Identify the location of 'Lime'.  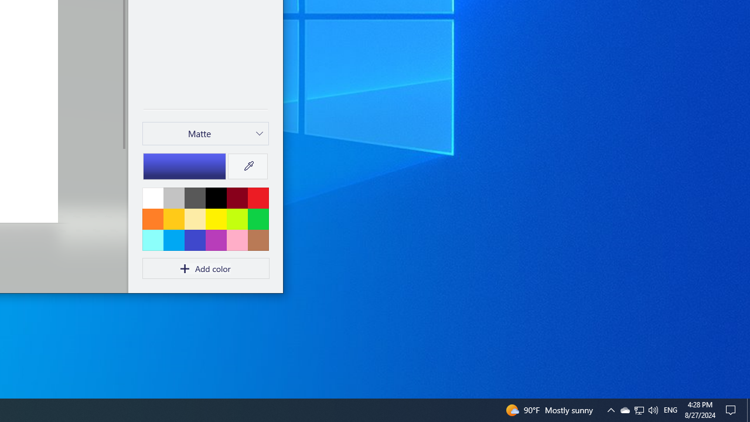
(236, 219).